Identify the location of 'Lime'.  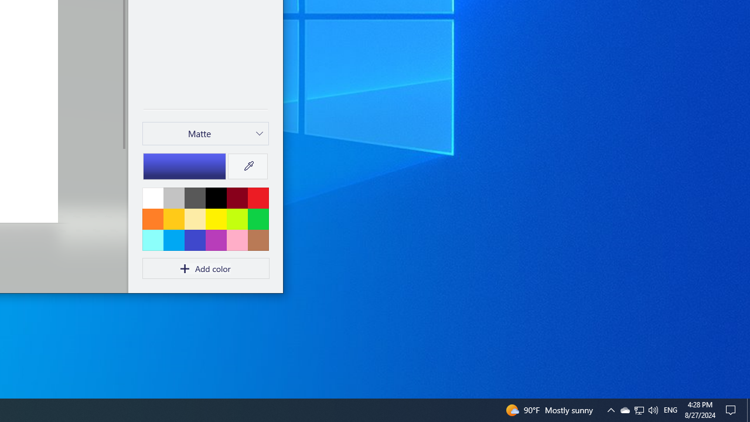
(236, 219).